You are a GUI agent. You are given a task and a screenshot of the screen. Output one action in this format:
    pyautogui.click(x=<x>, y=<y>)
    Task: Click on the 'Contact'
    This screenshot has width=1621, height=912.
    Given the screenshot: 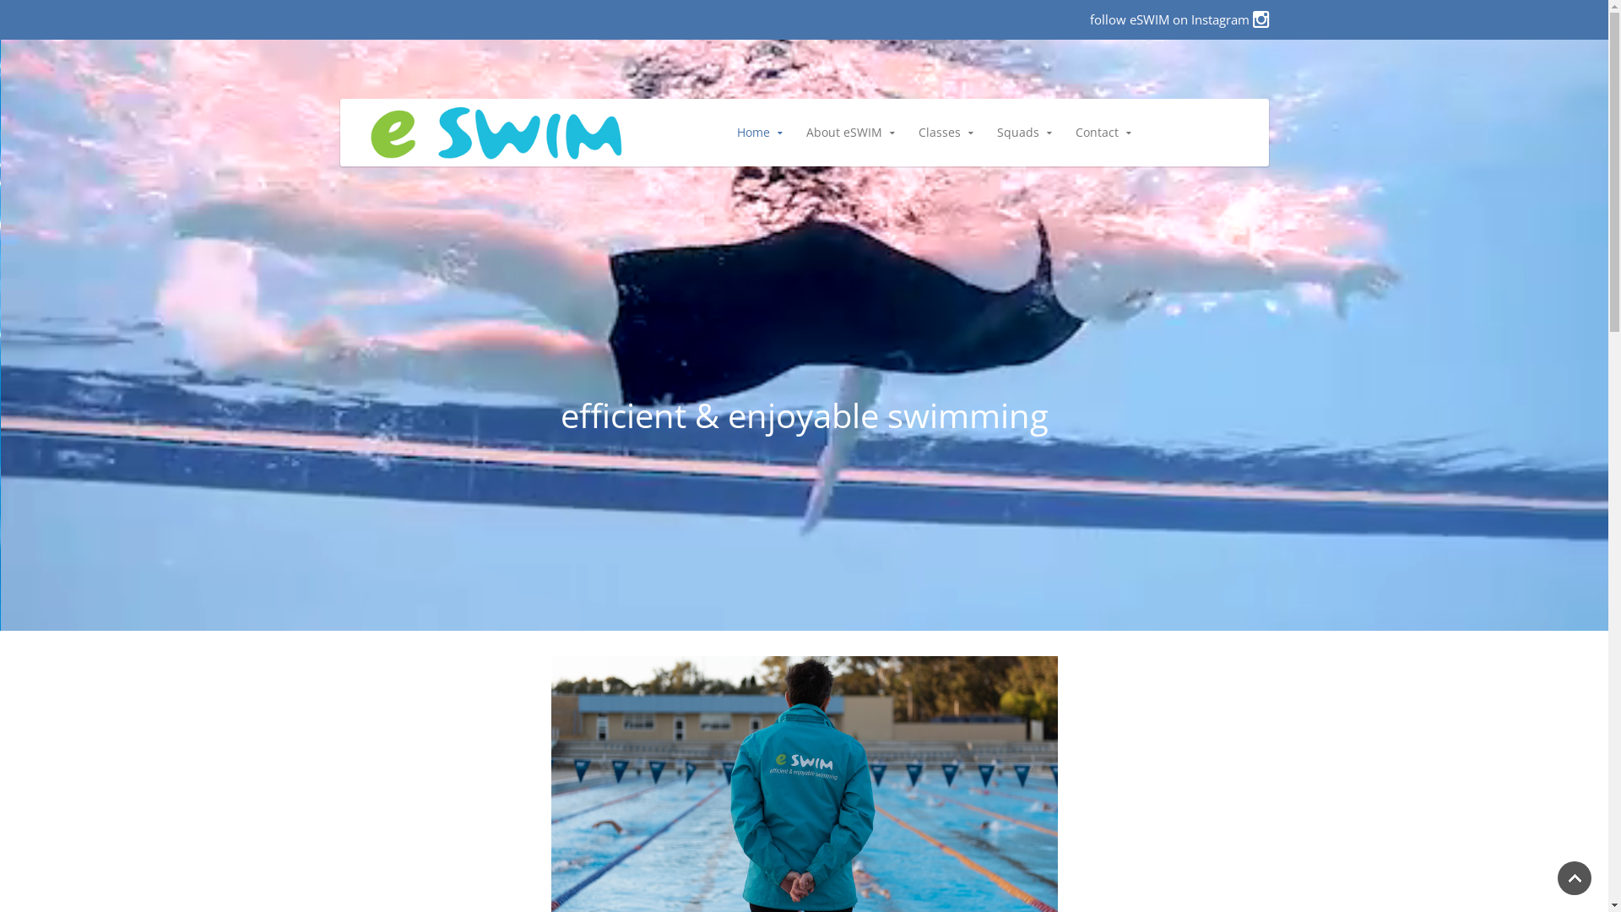 What is the action you would take?
    pyautogui.click(x=1060, y=132)
    